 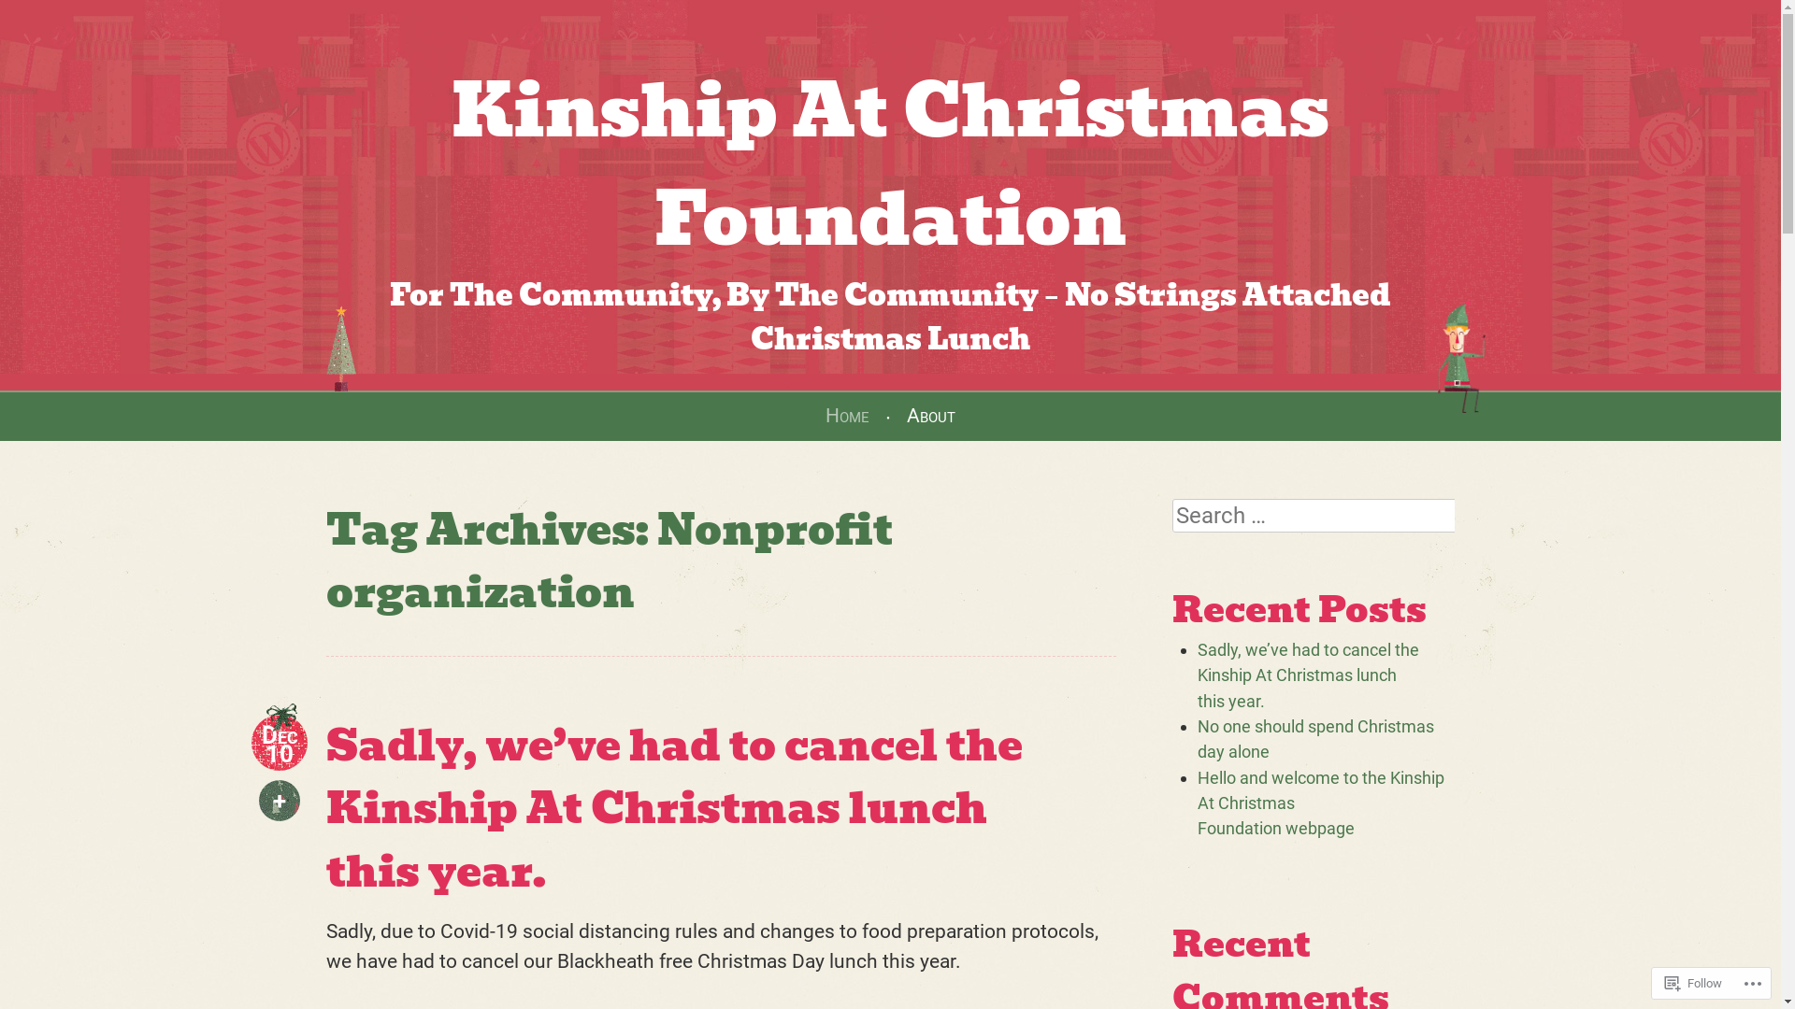 What do you see at coordinates (1693, 982) in the screenshot?
I see `'Follow'` at bounding box center [1693, 982].